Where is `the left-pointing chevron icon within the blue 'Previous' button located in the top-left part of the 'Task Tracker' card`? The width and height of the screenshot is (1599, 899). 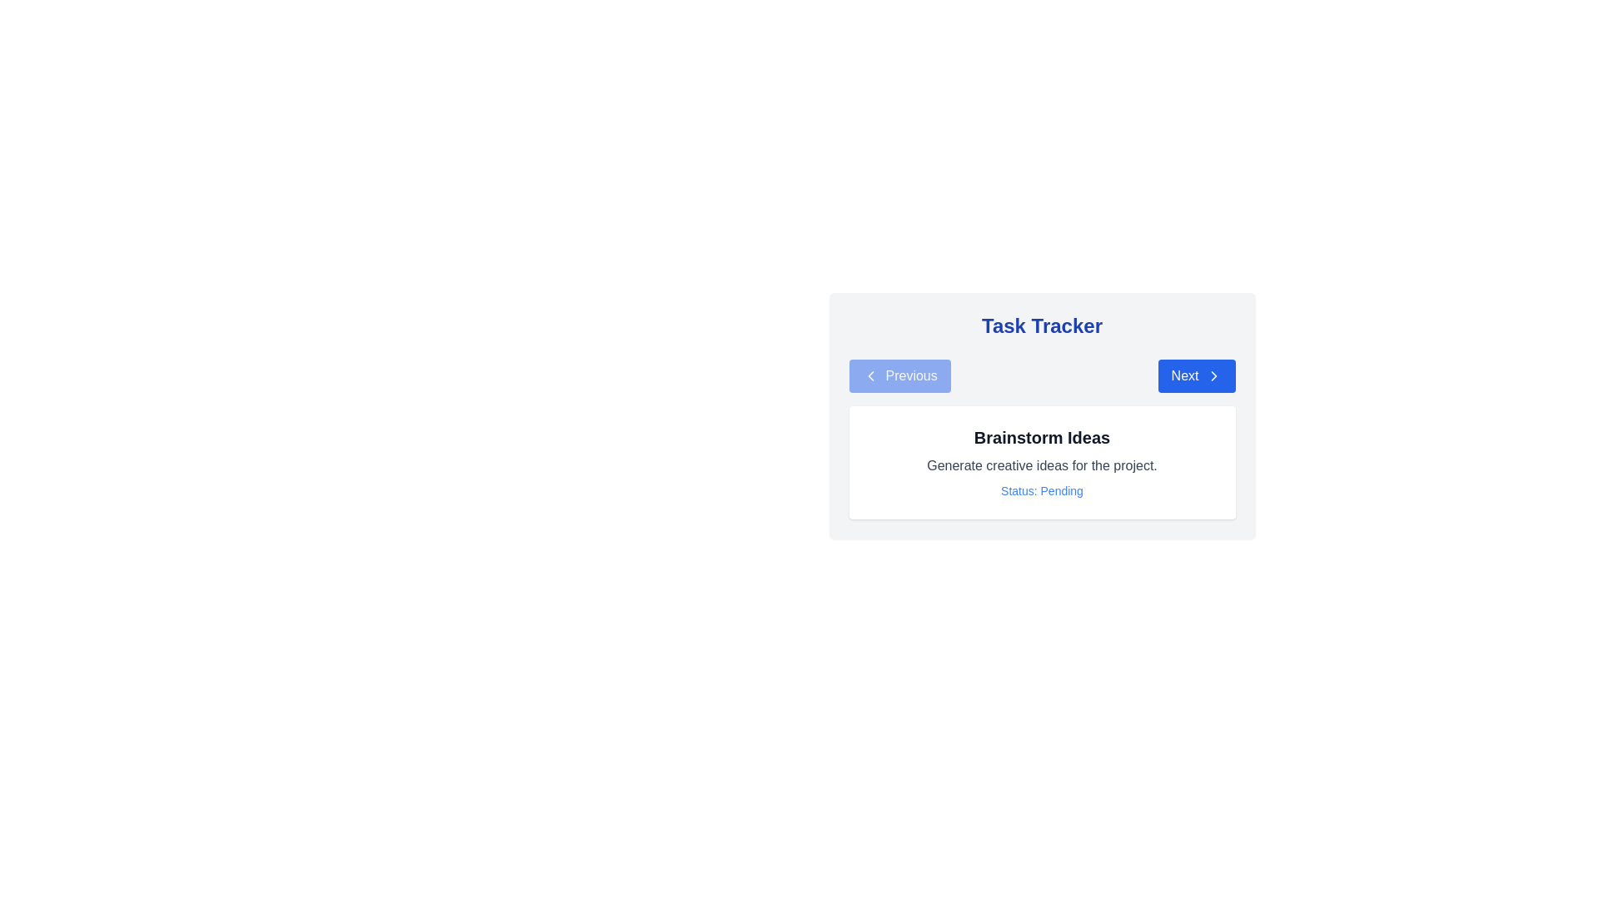 the left-pointing chevron icon within the blue 'Previous' button located in the top-left part of the 'Task Tracker' card is located at coordinates (869, 375).